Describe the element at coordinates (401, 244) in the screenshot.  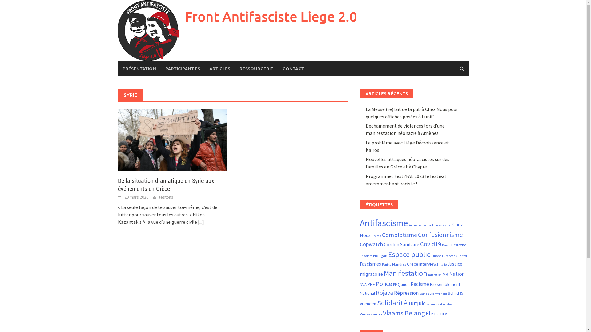
I see `'Cordon Sanitaire'` at that location.